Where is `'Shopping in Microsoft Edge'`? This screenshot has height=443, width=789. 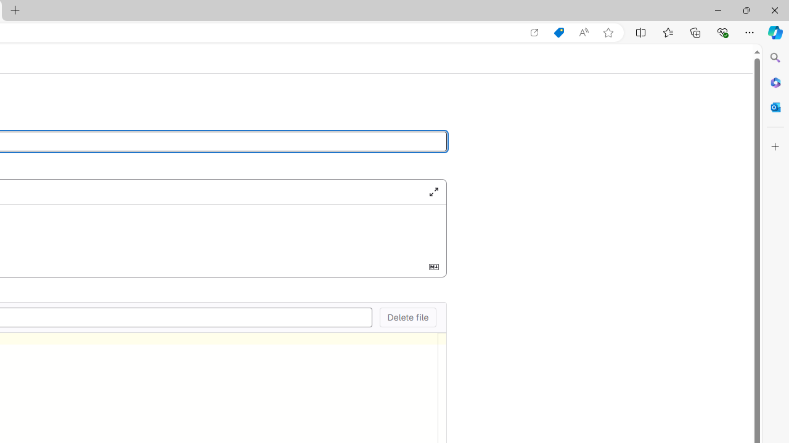 'Shopping in Microsoft Edge' is located at coordinates (558, 32).